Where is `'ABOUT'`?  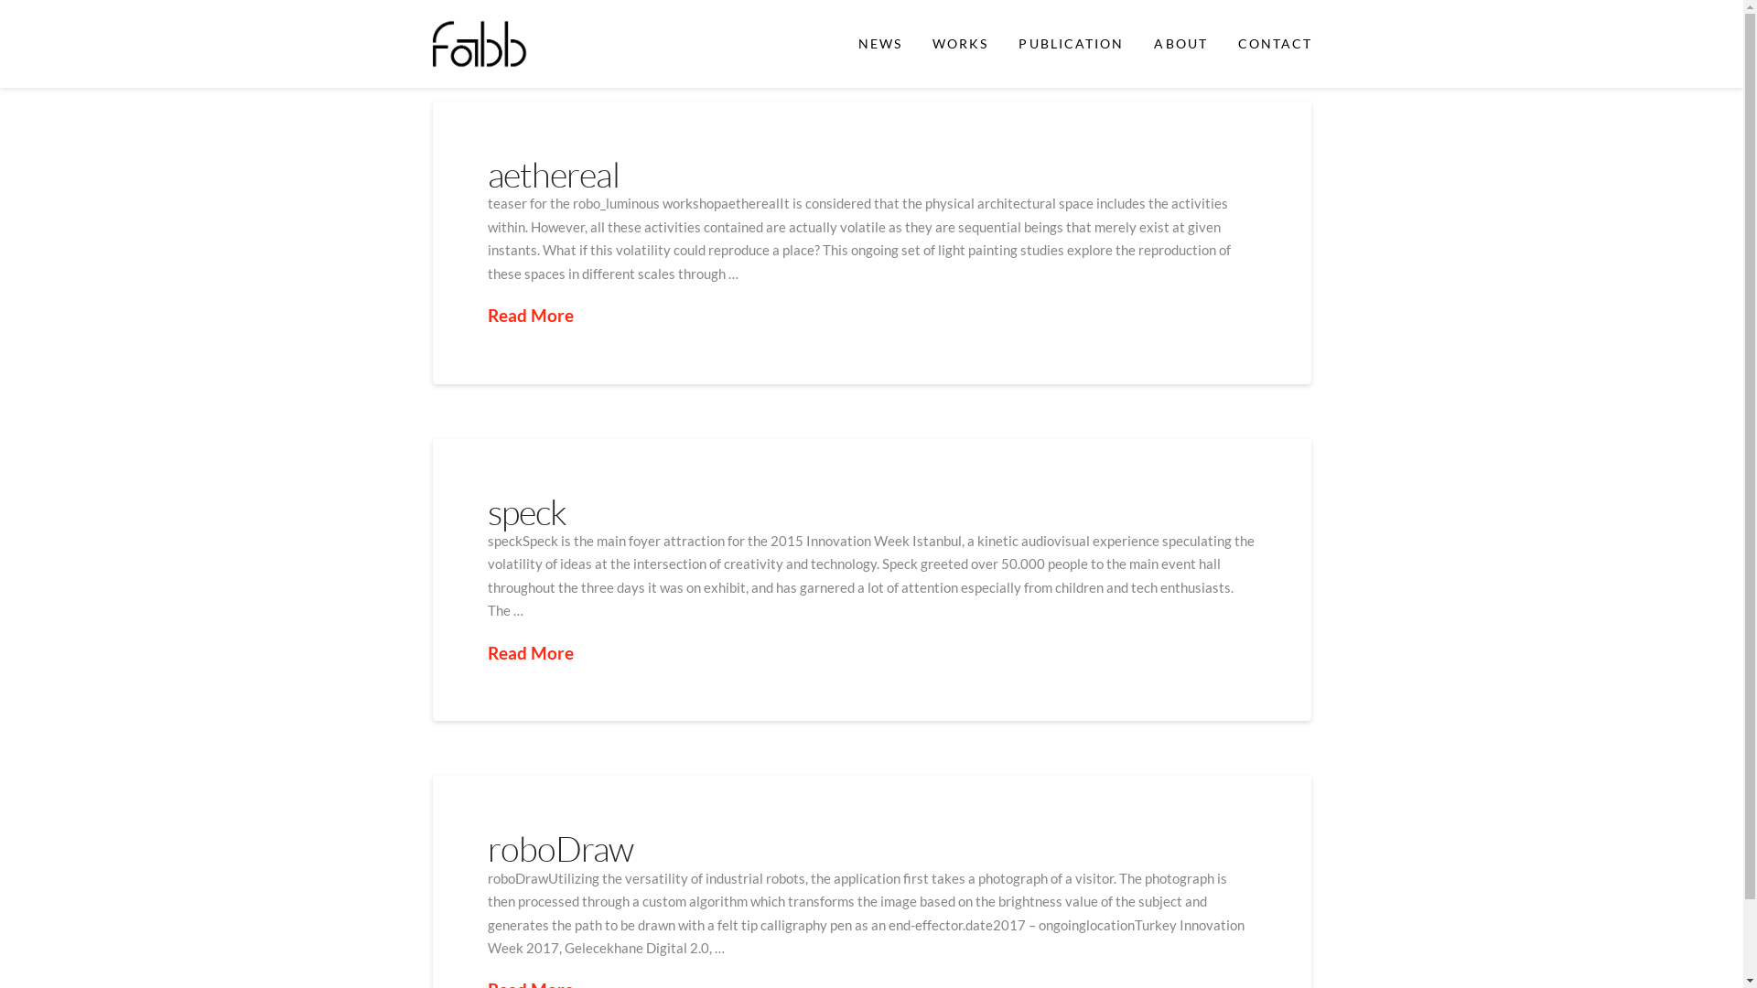 'ABOUT' is located at coordinates (1180, 42).